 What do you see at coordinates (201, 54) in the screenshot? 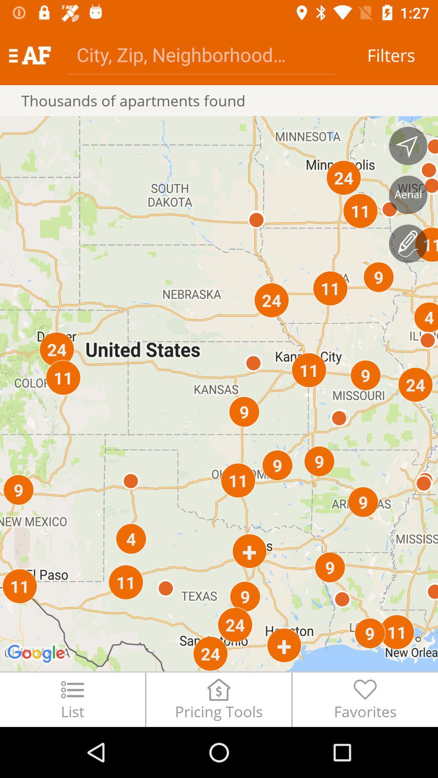
I see `open search box` at bounding box center [201, 54].